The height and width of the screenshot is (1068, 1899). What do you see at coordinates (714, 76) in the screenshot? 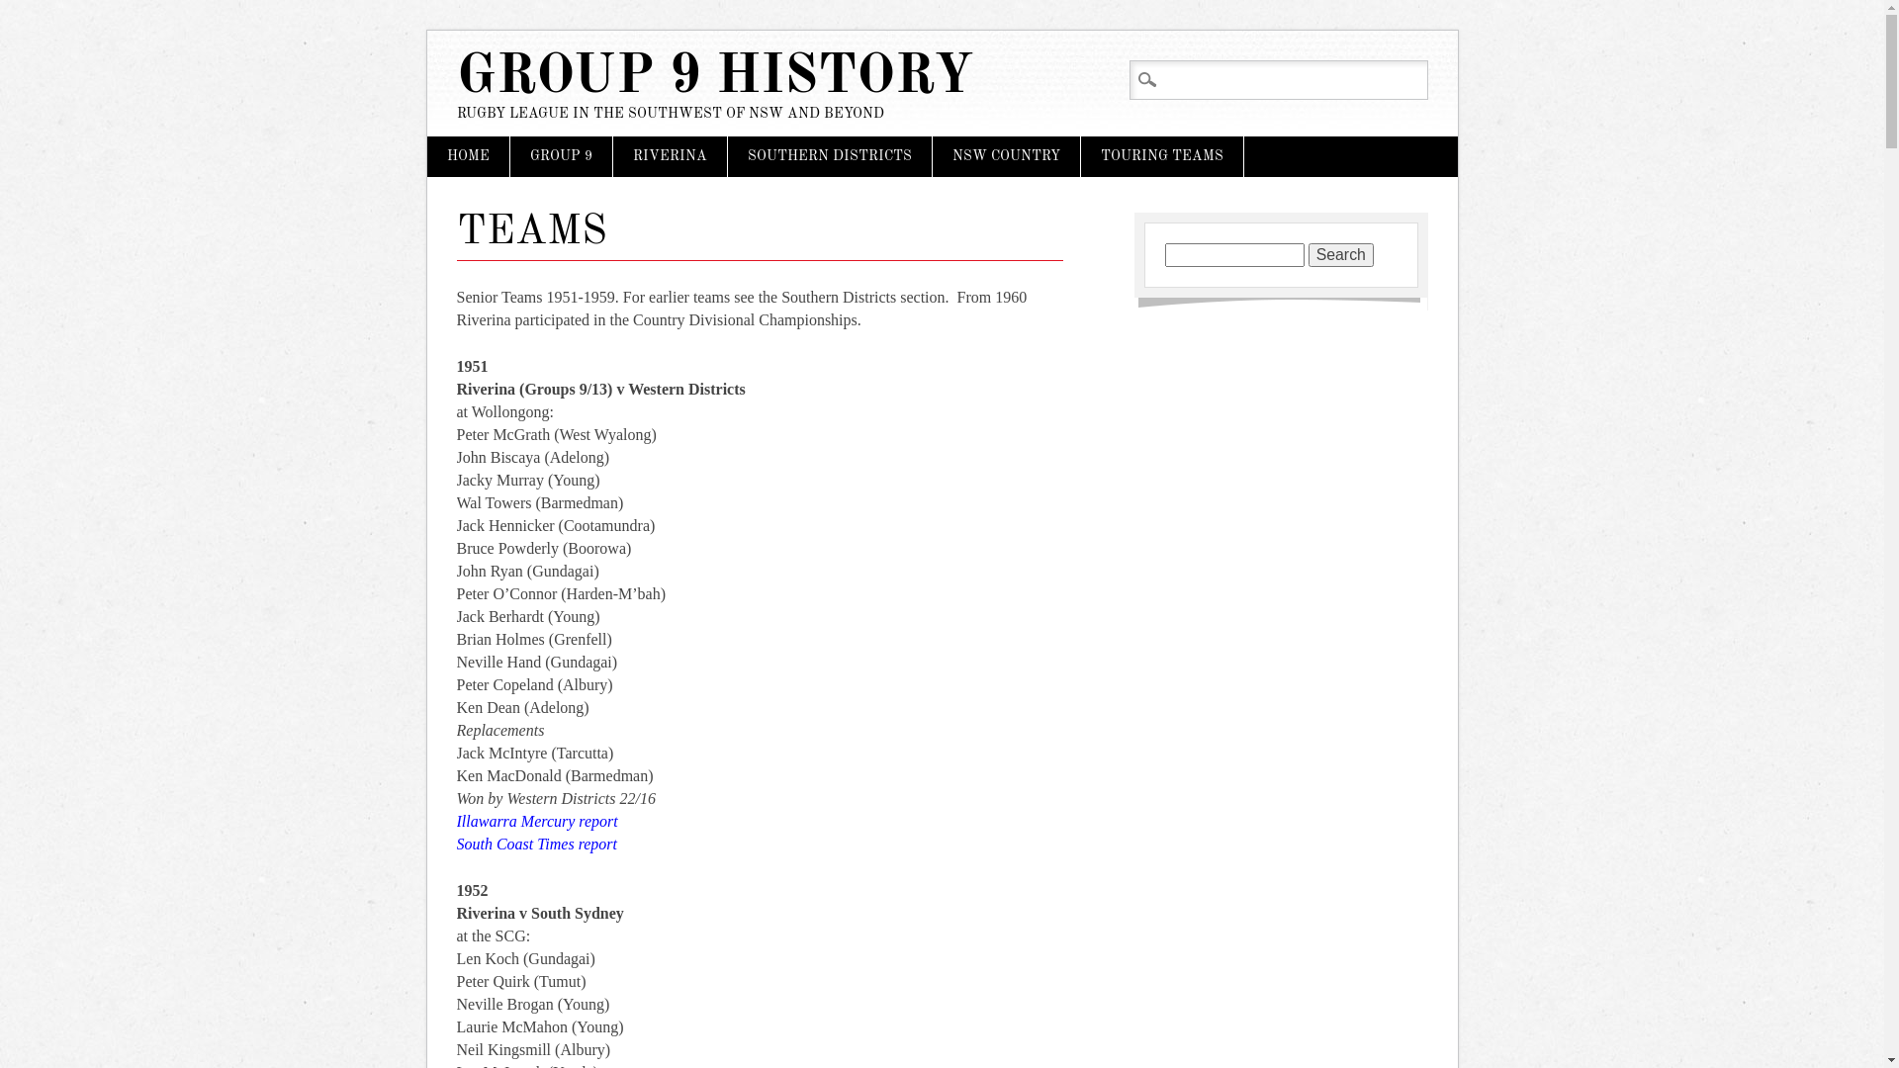
I see `'GROUP 9 HISTORY'` at bounding box center [714, 76].